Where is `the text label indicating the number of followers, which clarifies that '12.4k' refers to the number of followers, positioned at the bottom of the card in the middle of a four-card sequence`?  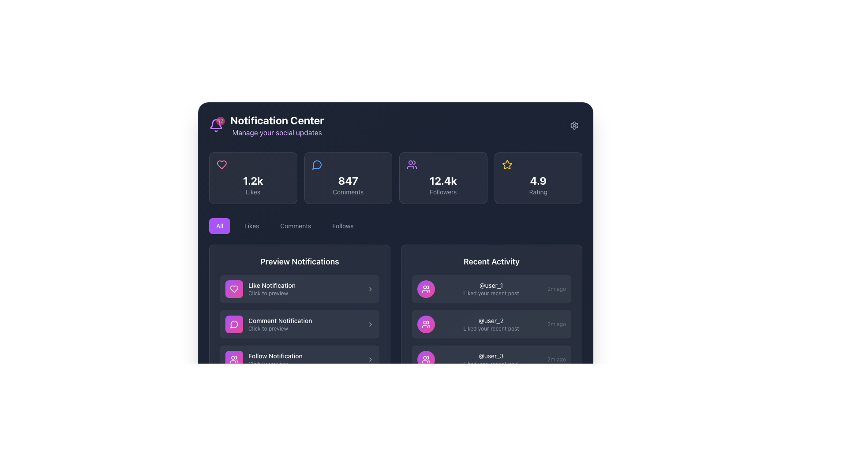
the text label indicating the number of followers, which clarifies that '12.4k' refers to the number of followers, positioned at the bottom of the card in the middle of a four-card sequence is located at coordinates (443, 191).